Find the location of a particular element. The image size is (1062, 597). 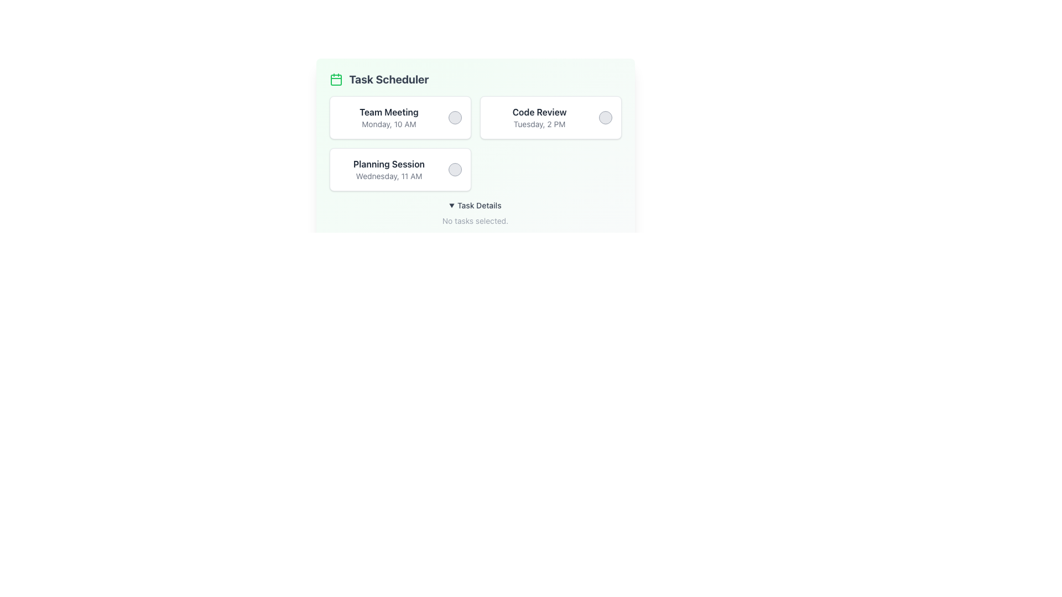

the label that represents a meeting item, located at the top-left corner of the light-colored panel within a card layout is located at coordinates (389, 117).